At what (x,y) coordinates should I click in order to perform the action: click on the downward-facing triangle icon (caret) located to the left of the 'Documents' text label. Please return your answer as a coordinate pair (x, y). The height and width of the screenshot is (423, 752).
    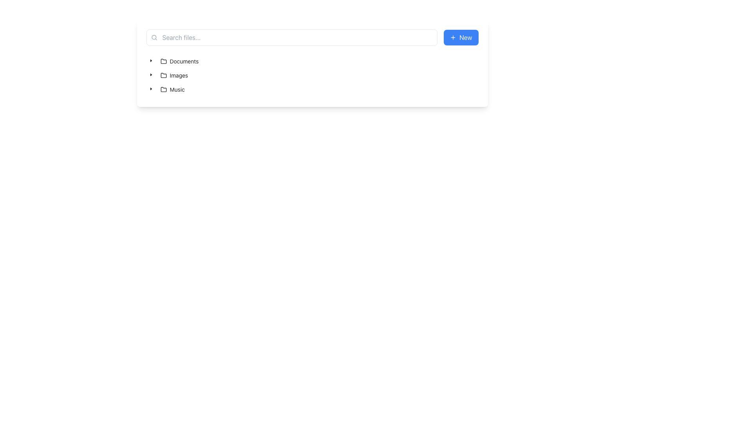
    Looking at the image, I should click on (151, 60).